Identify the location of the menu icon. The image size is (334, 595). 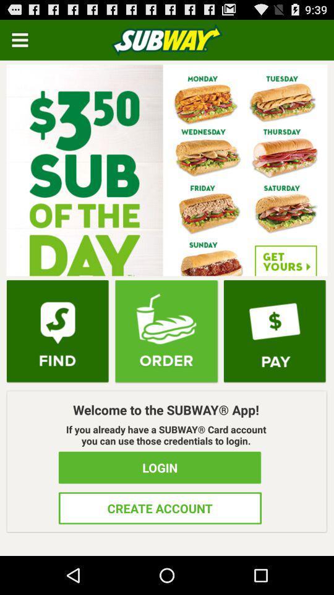
(19, 42).